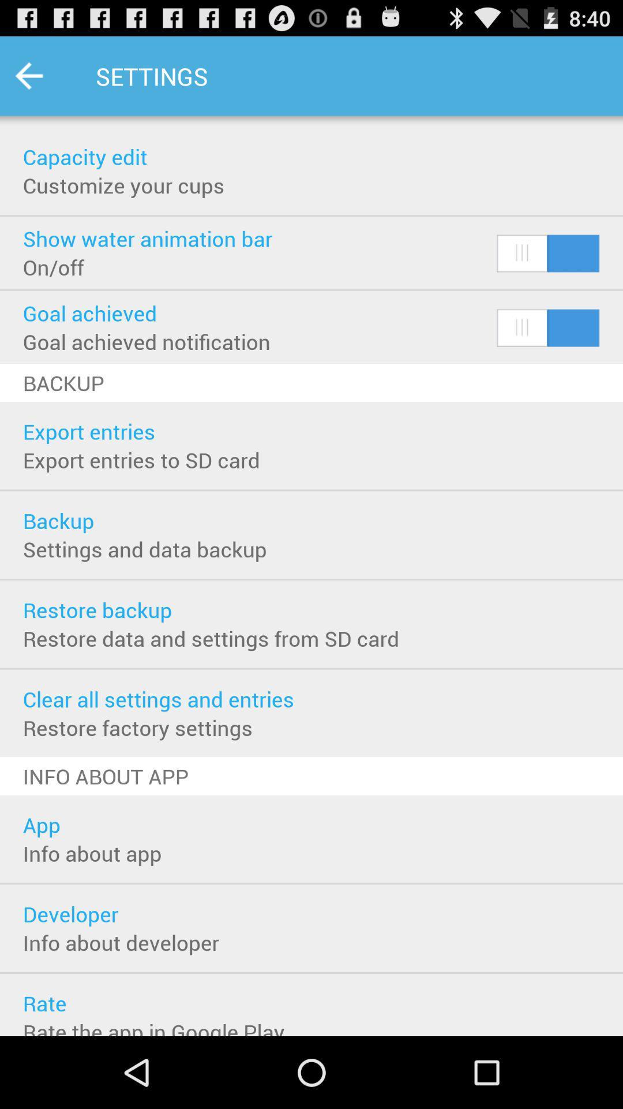  Describe the element at coordinates (44, 81) in the screenshot. I see `the arrow_backward icon` at that location.